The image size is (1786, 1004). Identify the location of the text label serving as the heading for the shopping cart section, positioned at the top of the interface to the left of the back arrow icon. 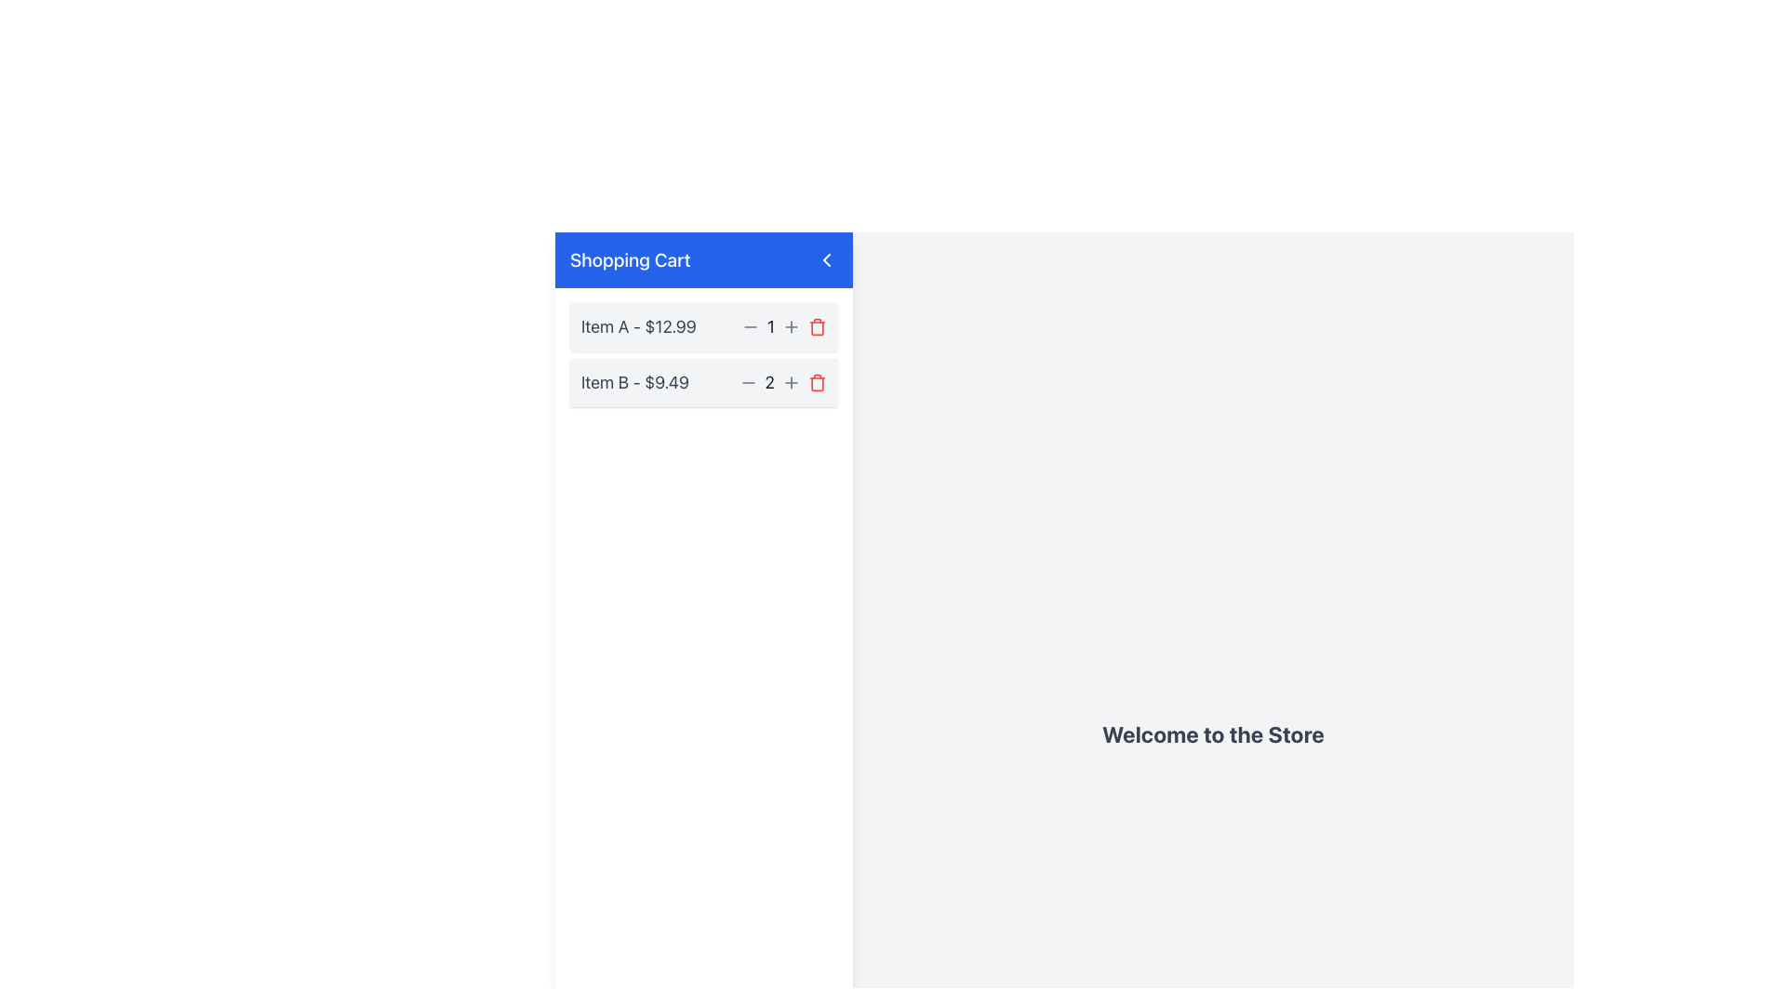
(630, 260).